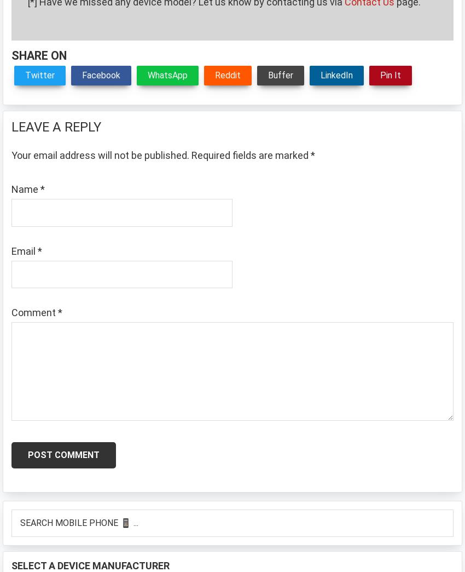 This screenshot has height=572, width=465. I want to click on 'Email', so click(24, 250).